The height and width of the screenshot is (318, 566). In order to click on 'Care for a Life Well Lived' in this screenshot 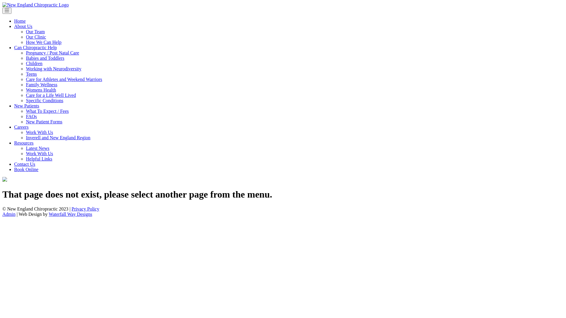, I will do `click(25, 95)`.